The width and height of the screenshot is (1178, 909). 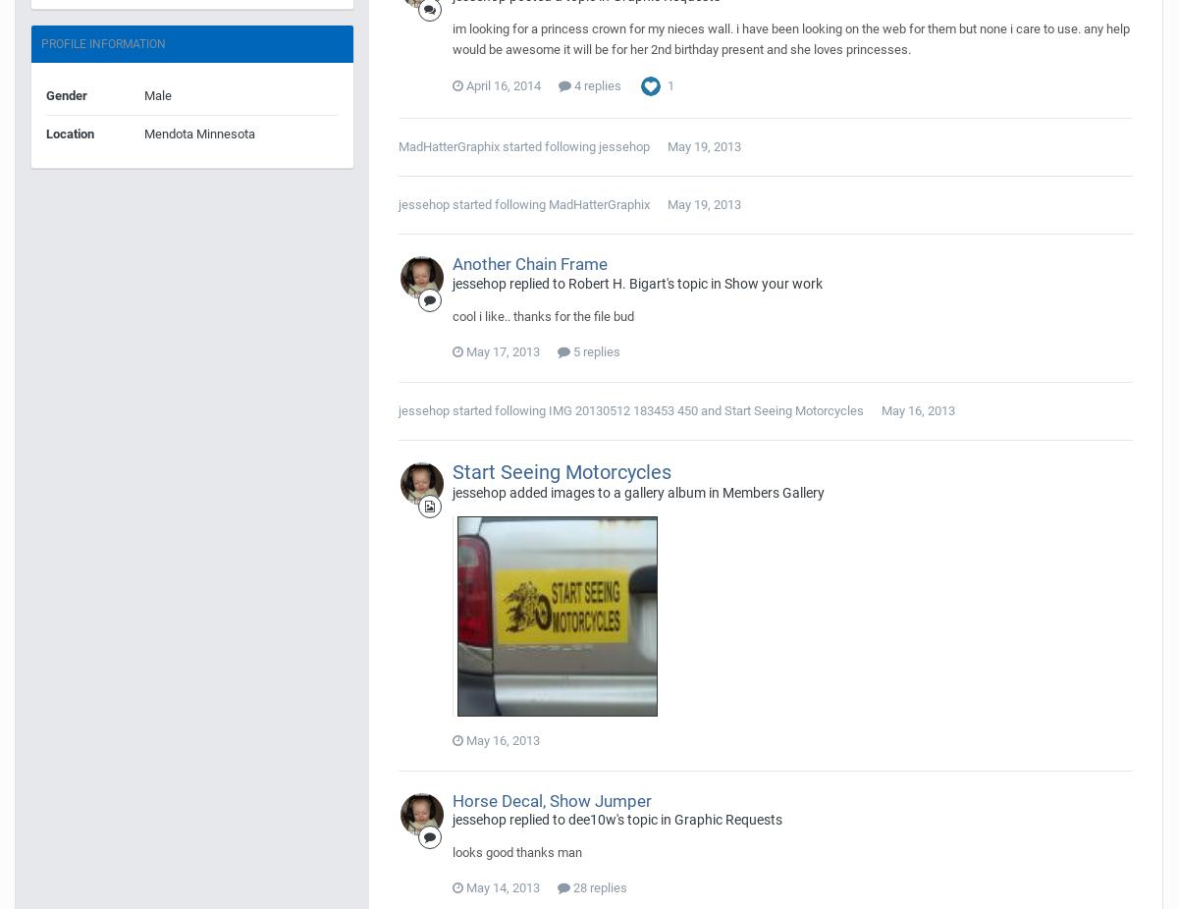 What do you see at coordinates (773, 282) in the screenshot?
I see `'Show your work'` at bounding box center [773, 282].